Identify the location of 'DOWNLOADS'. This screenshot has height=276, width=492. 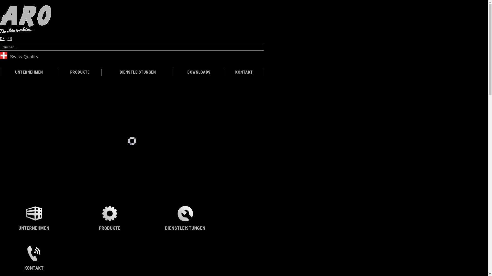
(199, 72).